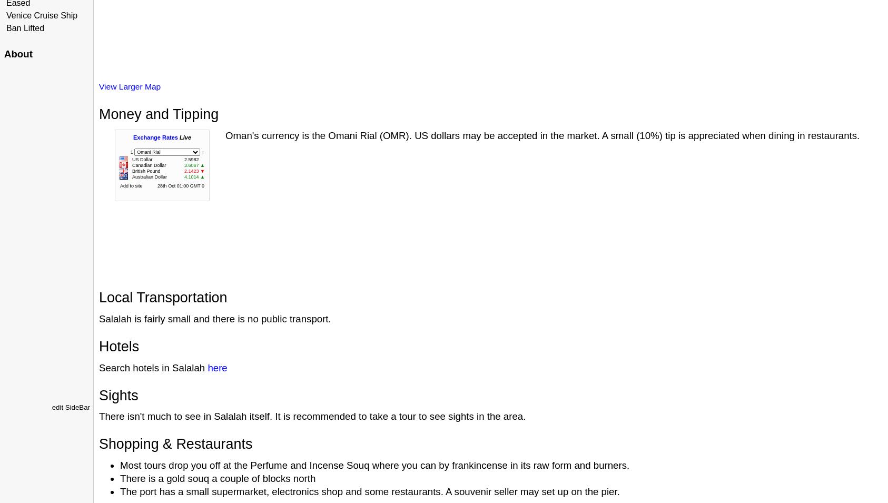  Describe the element at coordinates (120, 491) in the screenshot. I see `'The port has a small supermarket, electronics shop and some restaurants.  A souvenir seller may set up on the pier.'` at that location.